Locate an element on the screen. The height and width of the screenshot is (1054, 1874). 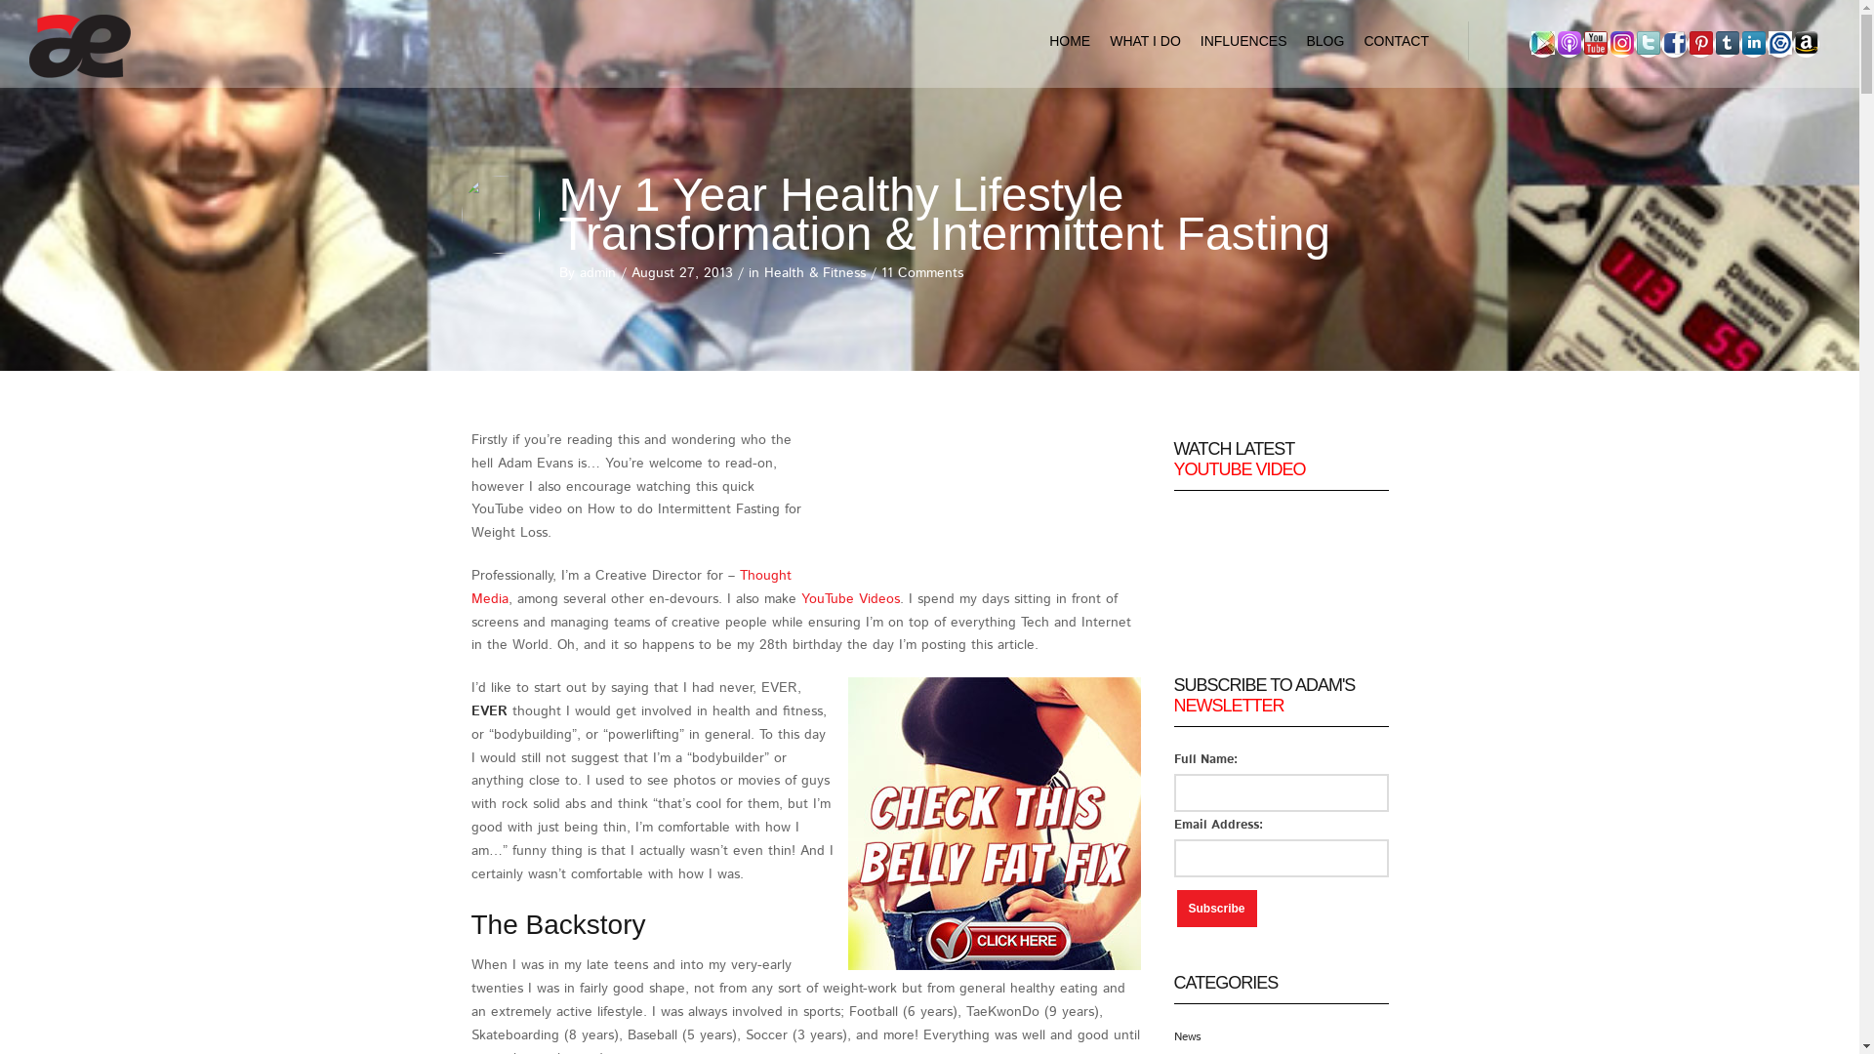
'facebook' is located at coordinates (1674, 42).